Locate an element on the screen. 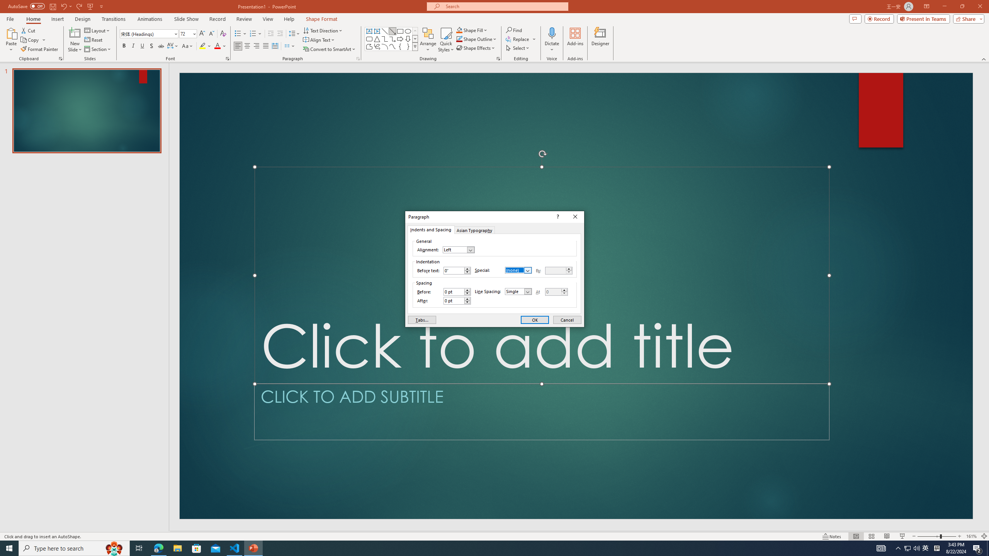  'Line Spacing' is located at coordinates (518, 291).